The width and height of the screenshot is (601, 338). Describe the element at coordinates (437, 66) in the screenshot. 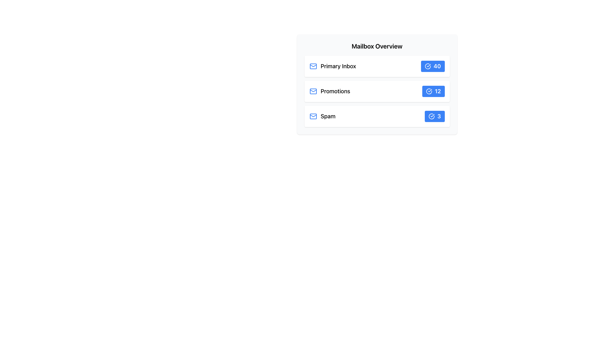

I see `the read-only numerical indicator for unread emails in the 'Primary Inbox' section, located in the top-right corner next to the circular checkmark icon` at that location.